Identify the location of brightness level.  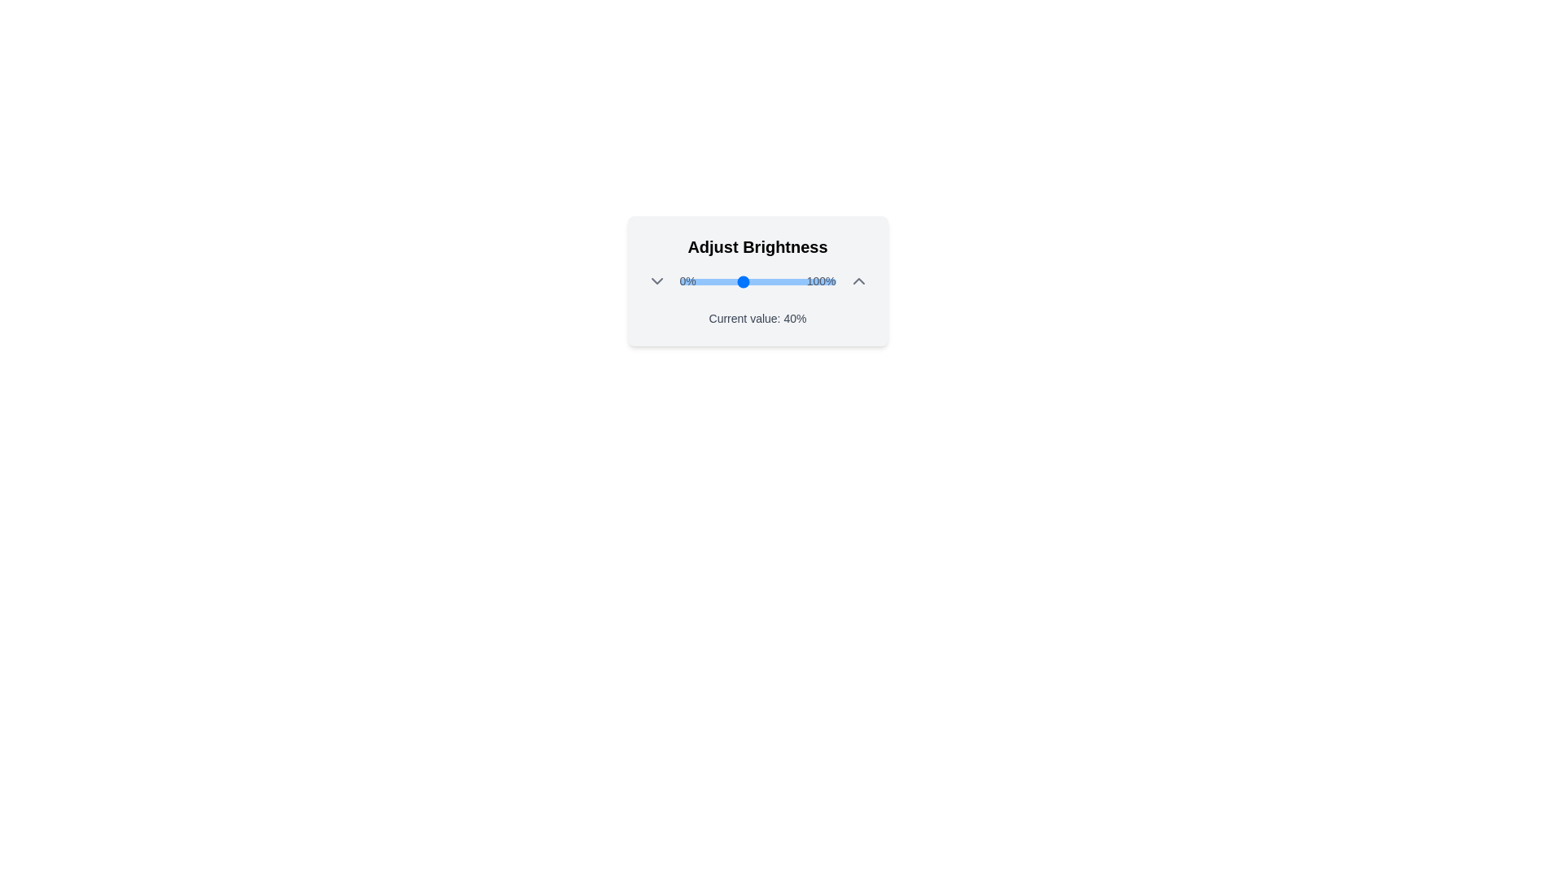
(686, 281).